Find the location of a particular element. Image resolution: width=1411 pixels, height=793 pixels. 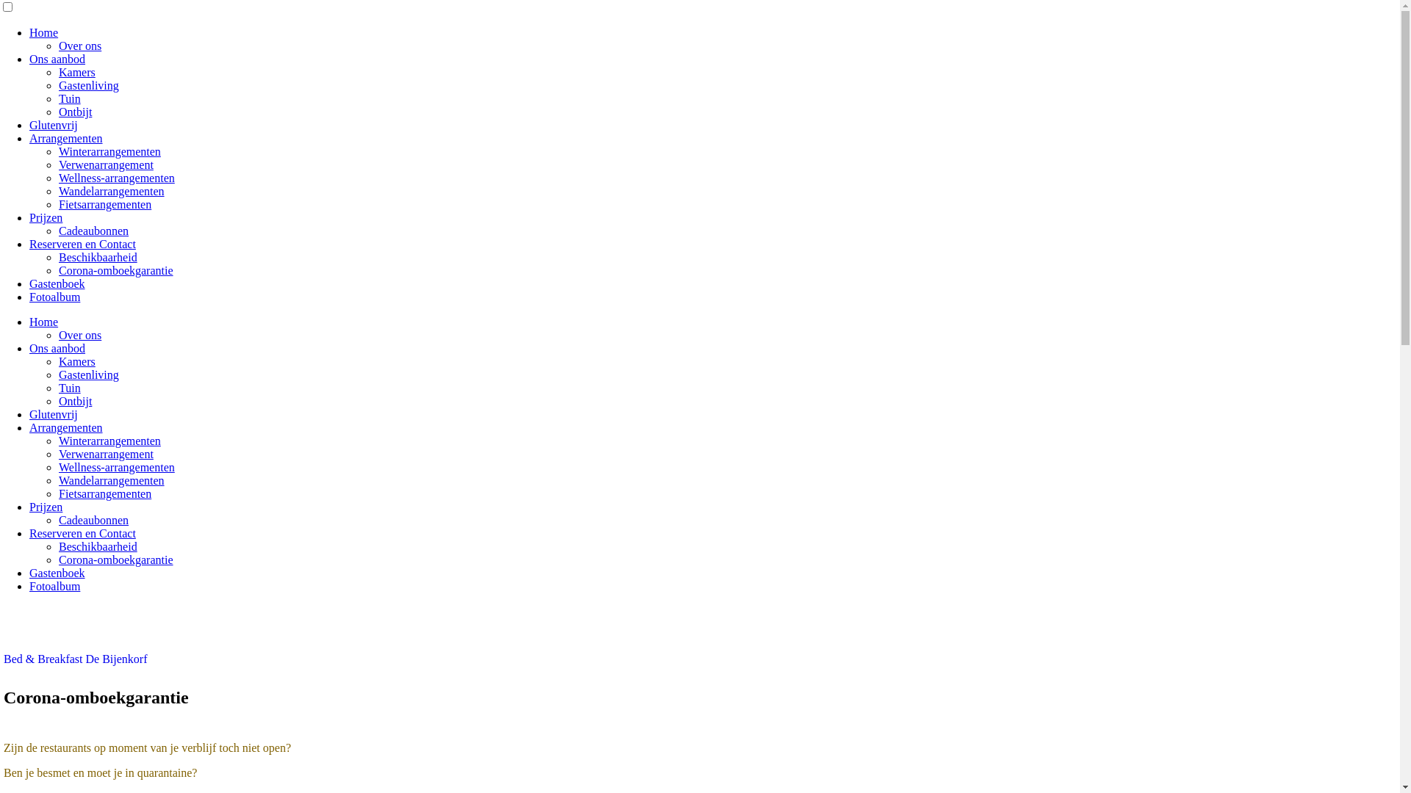

'Bed & Breakfast De Bijenkorf' is located at coordinates (74, 658).